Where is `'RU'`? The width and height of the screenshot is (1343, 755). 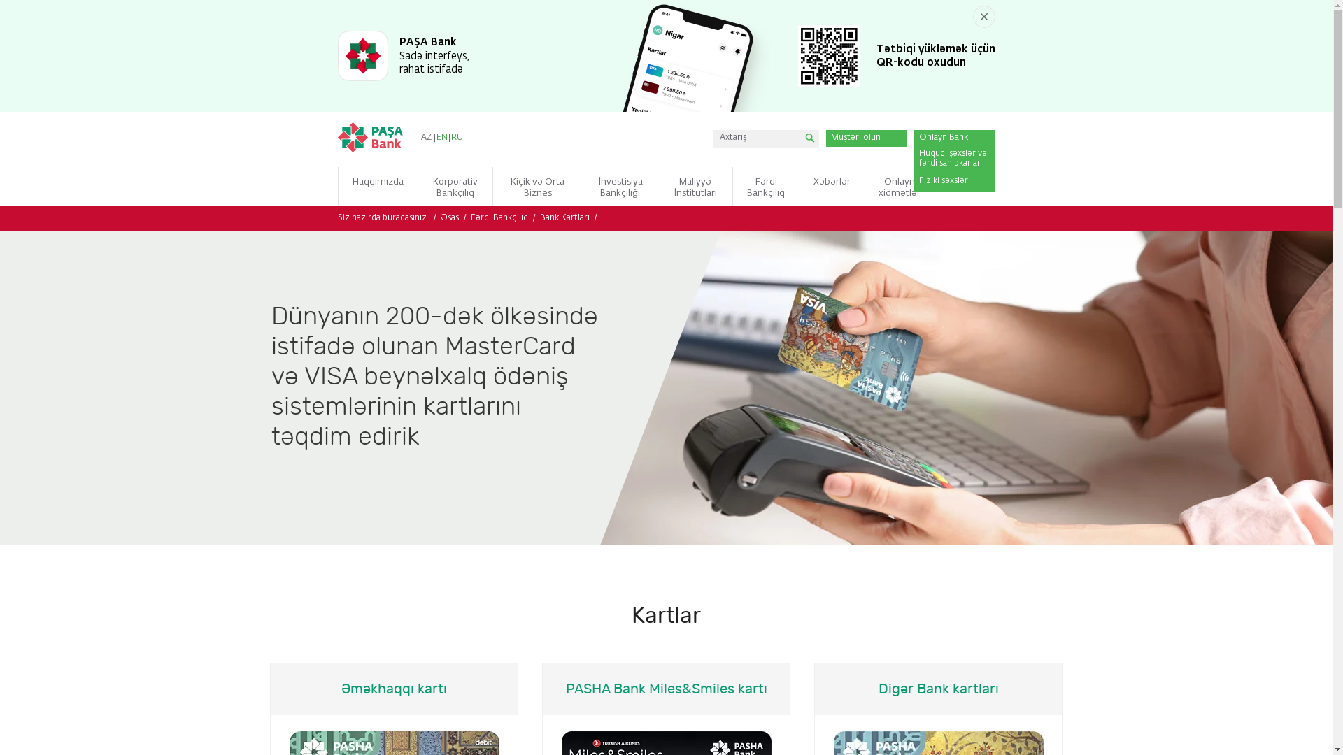 'RU' is located at coordinates (450, 137).